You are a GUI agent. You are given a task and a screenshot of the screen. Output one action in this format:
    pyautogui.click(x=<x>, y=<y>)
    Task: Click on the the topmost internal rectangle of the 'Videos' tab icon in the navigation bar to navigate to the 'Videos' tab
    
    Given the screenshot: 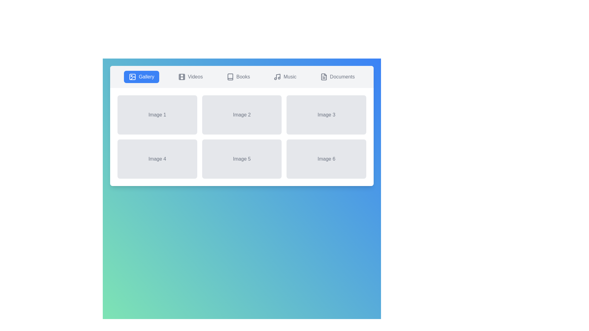 What is the action you would take?
    pyautogui.click(x=181, y=76)
    